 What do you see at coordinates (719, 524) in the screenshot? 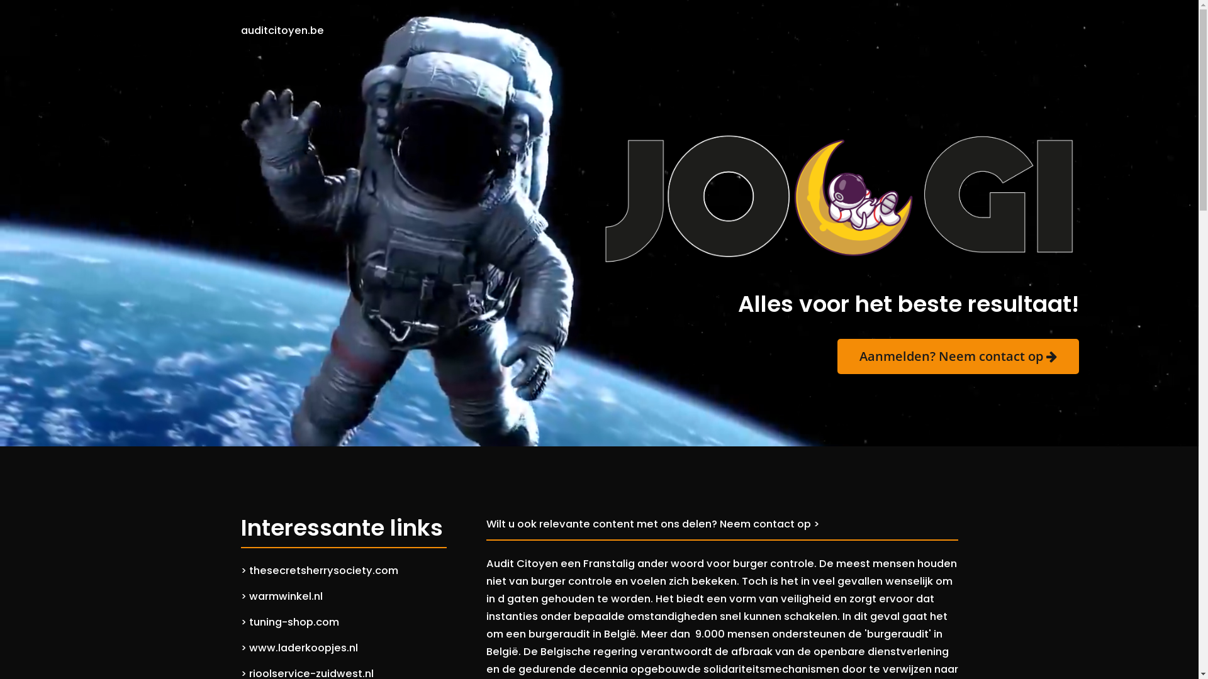
I see `'Neem contact op >'` at bounding box center [719, 524].